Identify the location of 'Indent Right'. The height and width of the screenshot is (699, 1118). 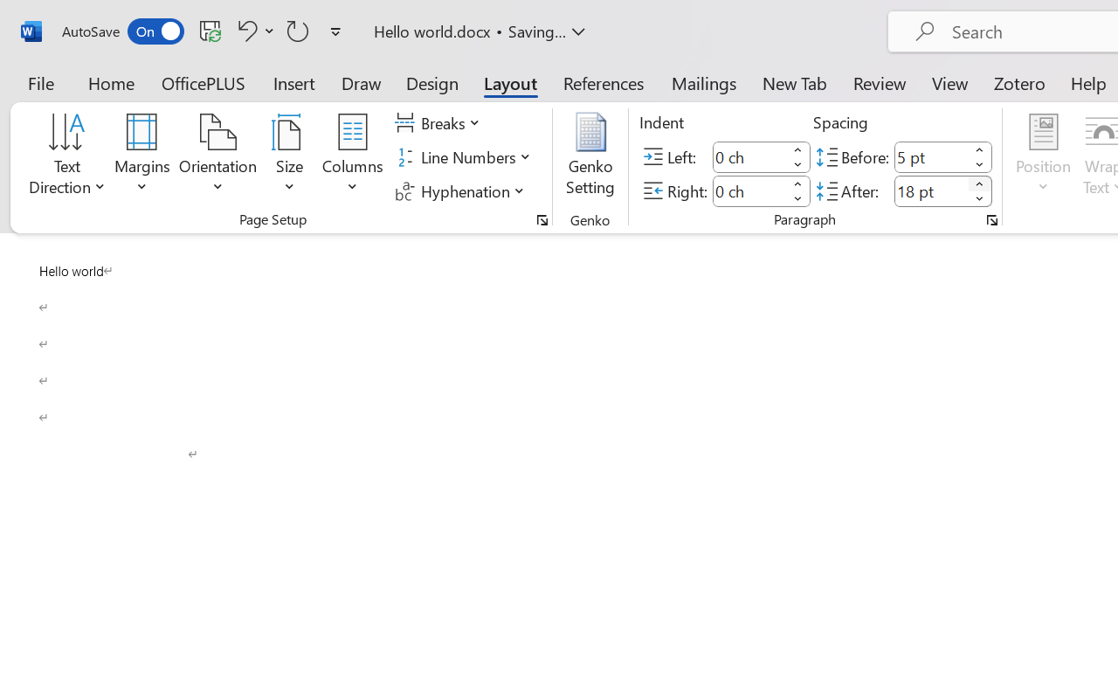
(749, 190).